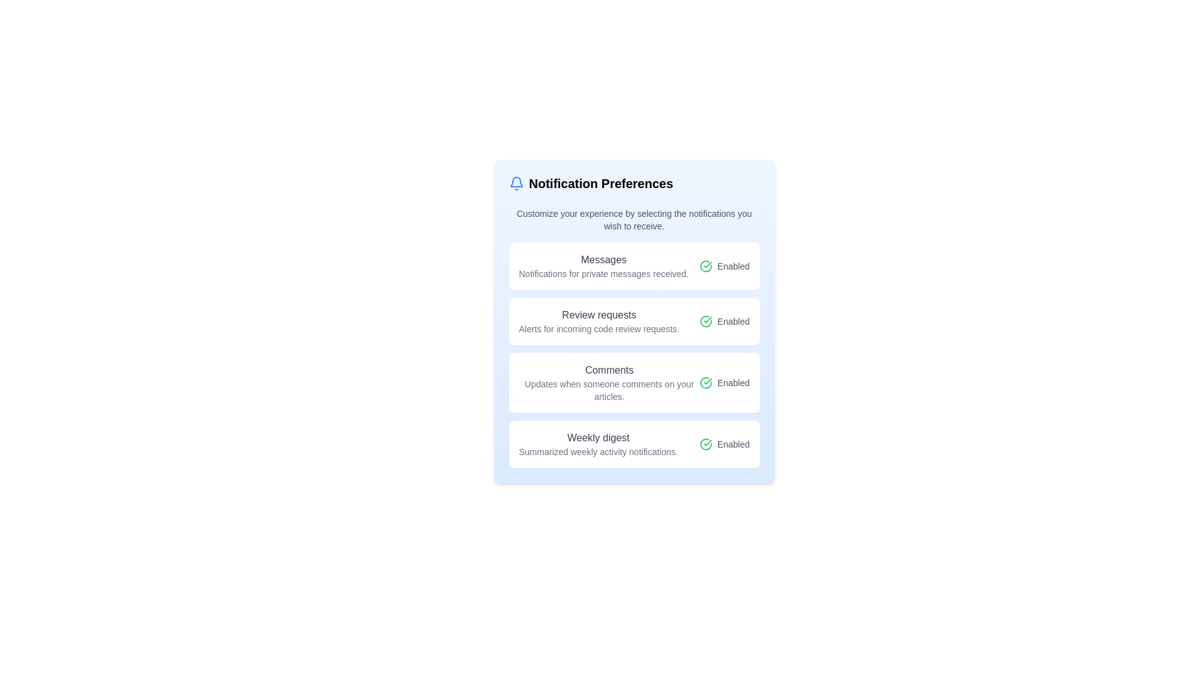 This screenshot has width=1204, height=677. What do you see at coordinates (634, 444) in the screenshot?
I see `the fourth list item in the notification preferences panel that displays 'Weekly digest' with its corresponding green checkmark icon` at bounding box center [634, 444].